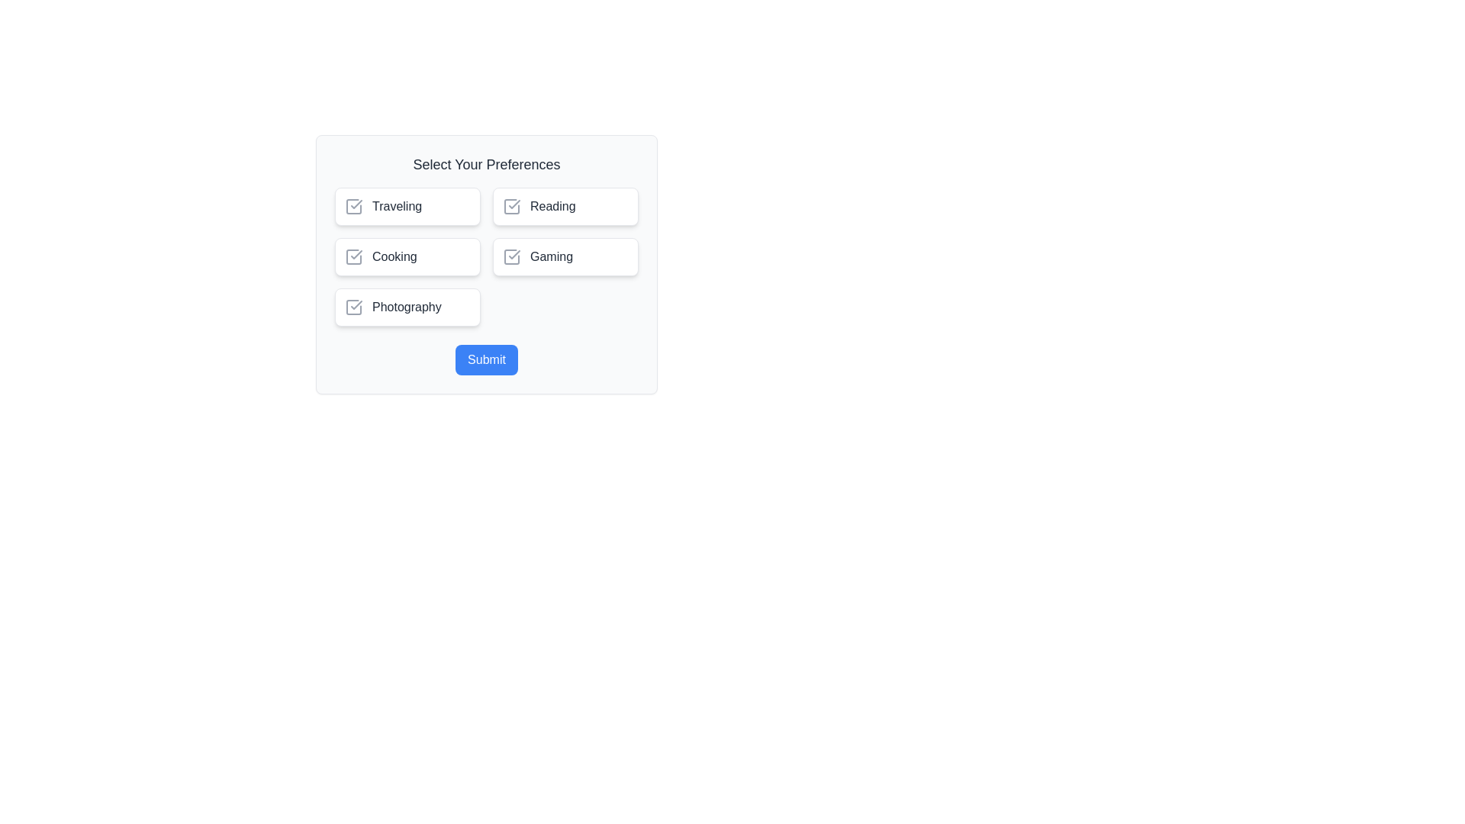 The image size is (1465, 824). What do you see at coordinates (512, 206) in the screenshot?
I see `the Checkbox Icon located at the left side of the 'Reading' card` at bounding box center [512, 206].